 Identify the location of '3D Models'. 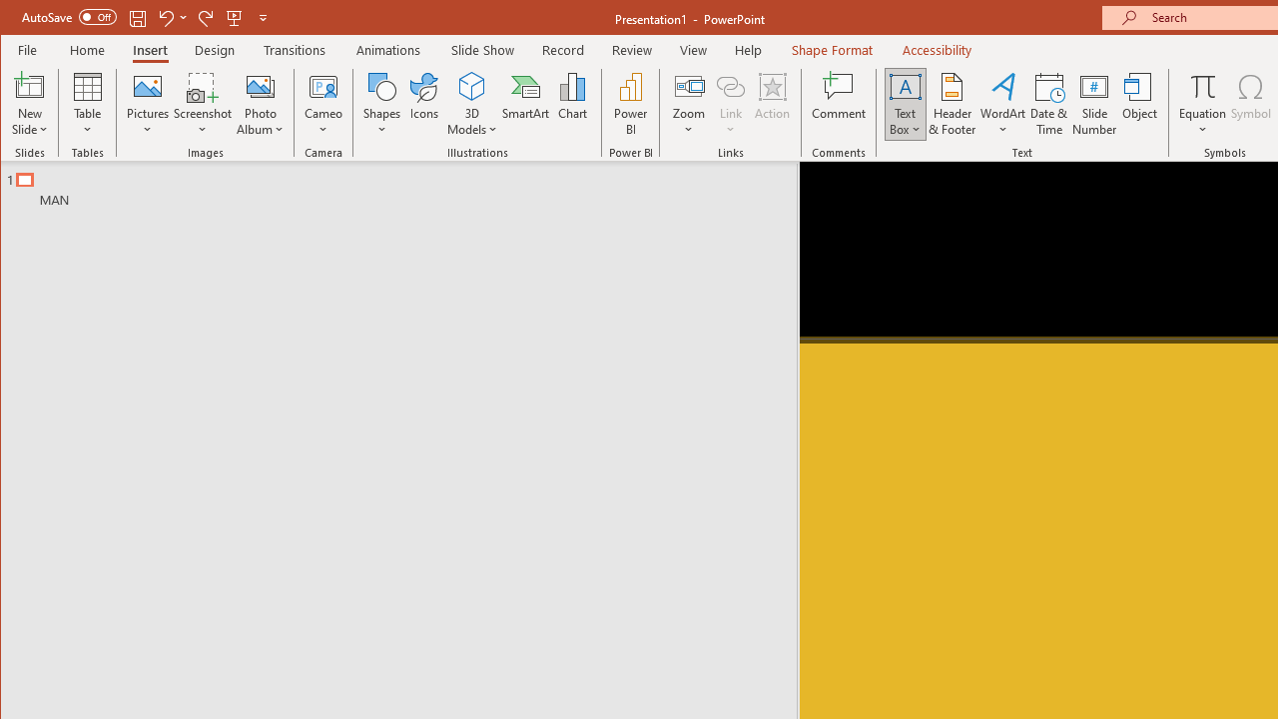
(470, 104).